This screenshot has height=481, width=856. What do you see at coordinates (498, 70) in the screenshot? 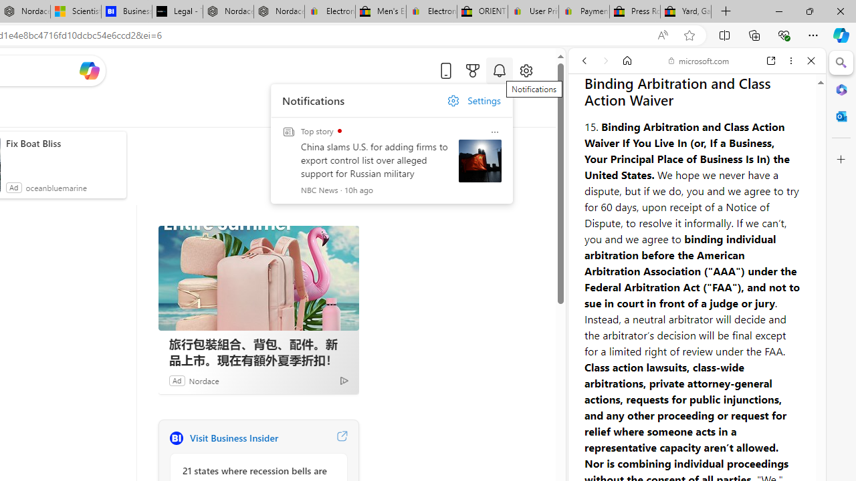
I see `'Notifications'` at bounding box center [498, 70].